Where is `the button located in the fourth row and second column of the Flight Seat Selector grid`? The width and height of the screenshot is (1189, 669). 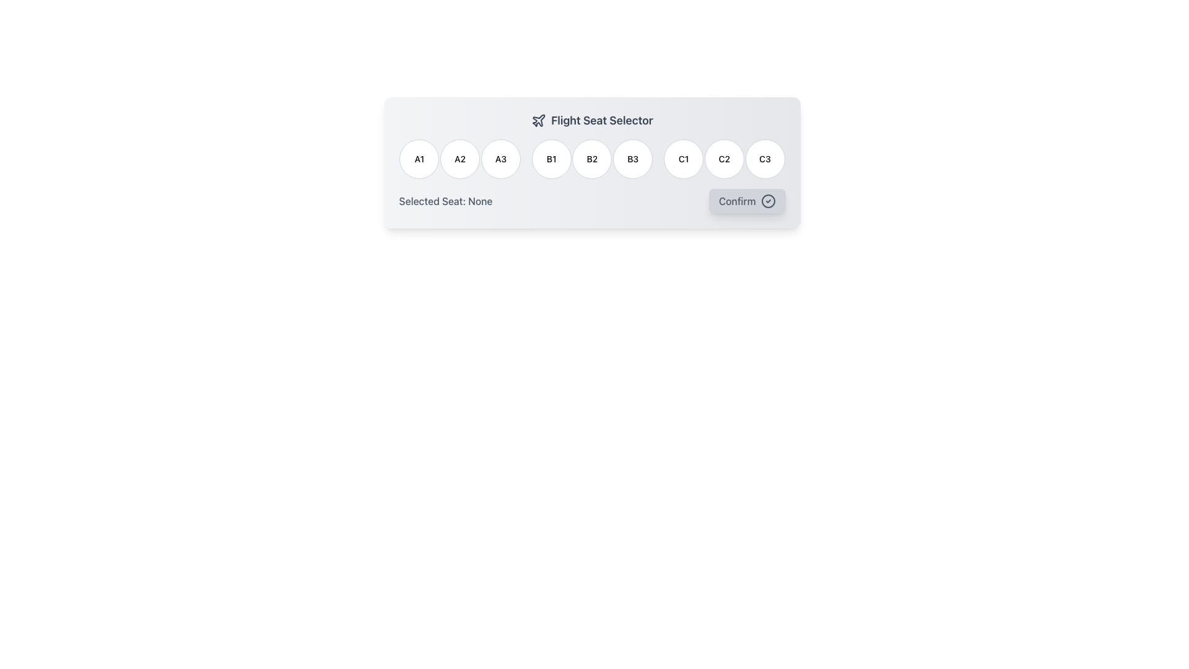 the button located in the fourth row and second column of the Flight Seat Selector grid is located at coordinates (591, 159).